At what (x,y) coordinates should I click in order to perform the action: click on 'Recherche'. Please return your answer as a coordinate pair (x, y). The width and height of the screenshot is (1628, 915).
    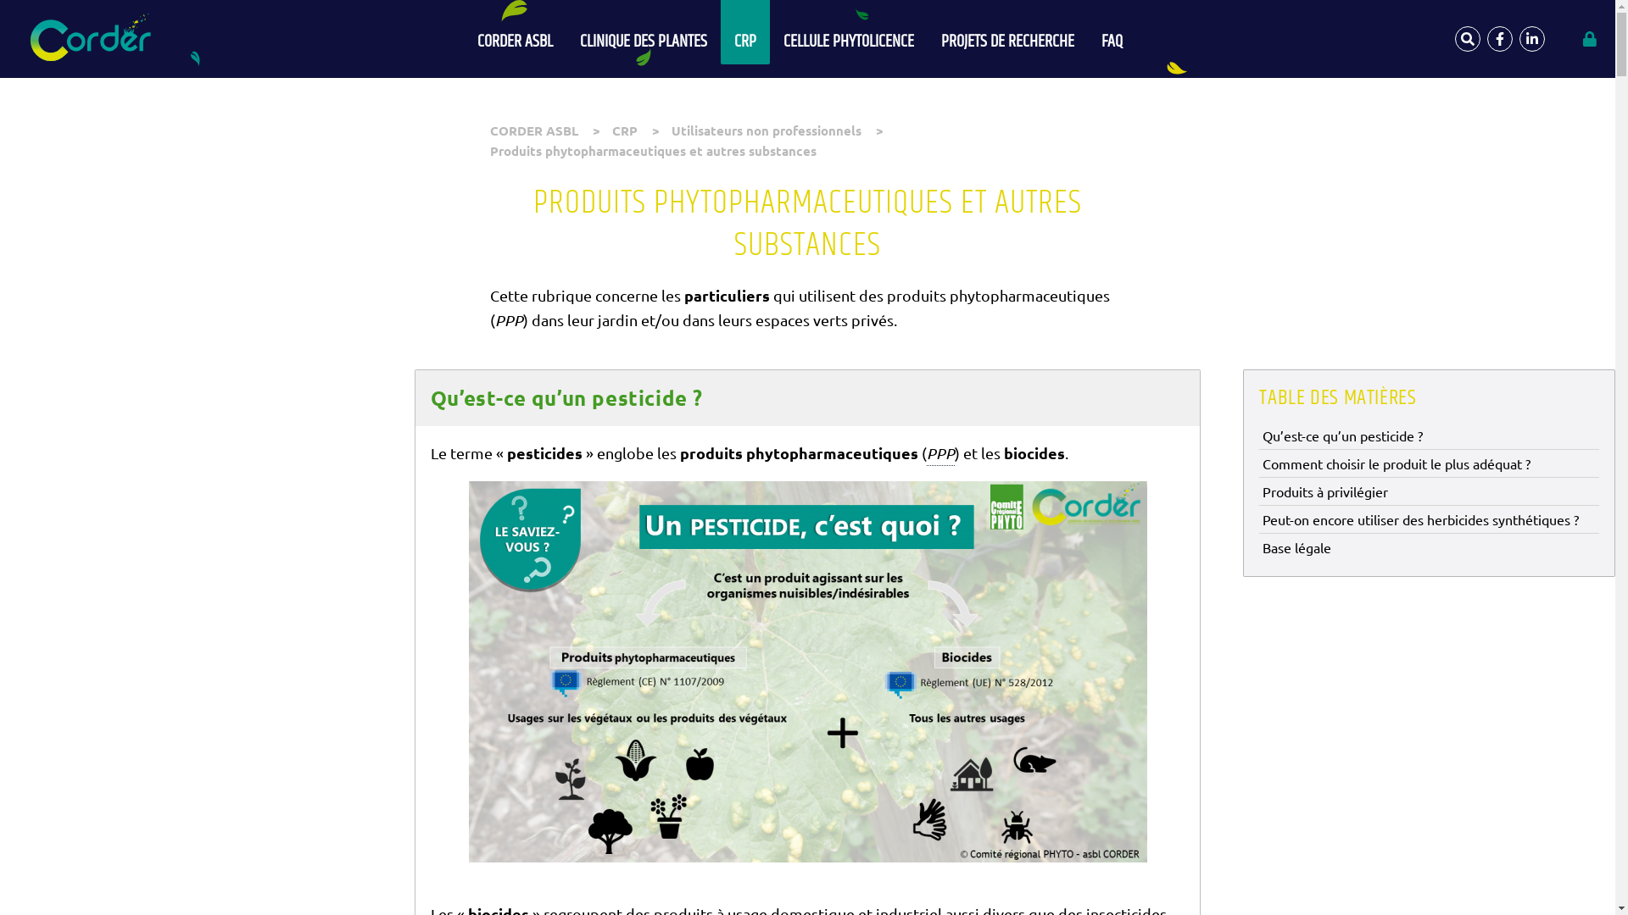
    Looking at the image, I should click on (1454, 38).